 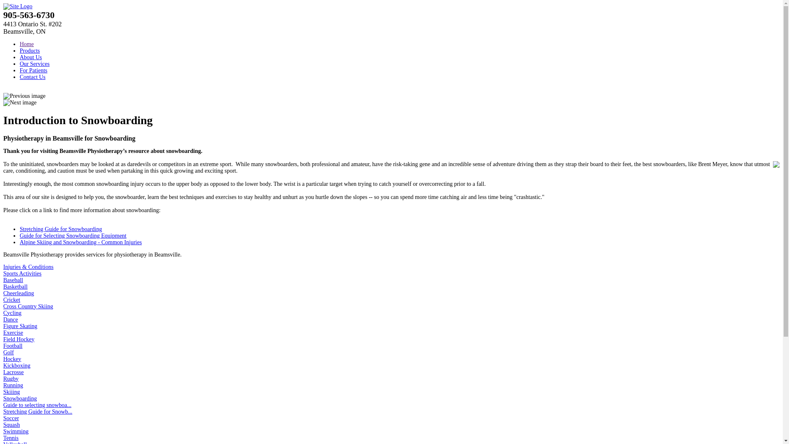 What do you see at coordinates (3, 280) in the screenshot?
I see `'Baseball'` at bounding box center [3, 280].